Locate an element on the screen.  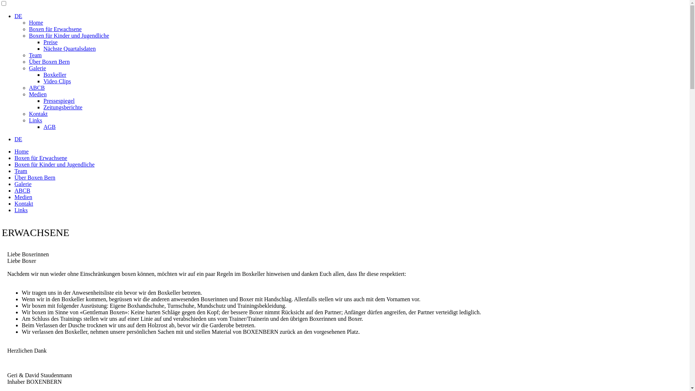
'Home' is located at coordinates (21, 151).